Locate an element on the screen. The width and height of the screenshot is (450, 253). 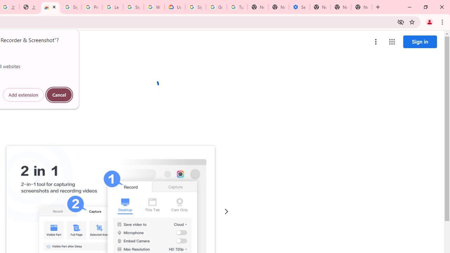
'Turn cookies on or off - Computer - Google Account Help' is located at coordinates (237, 7).